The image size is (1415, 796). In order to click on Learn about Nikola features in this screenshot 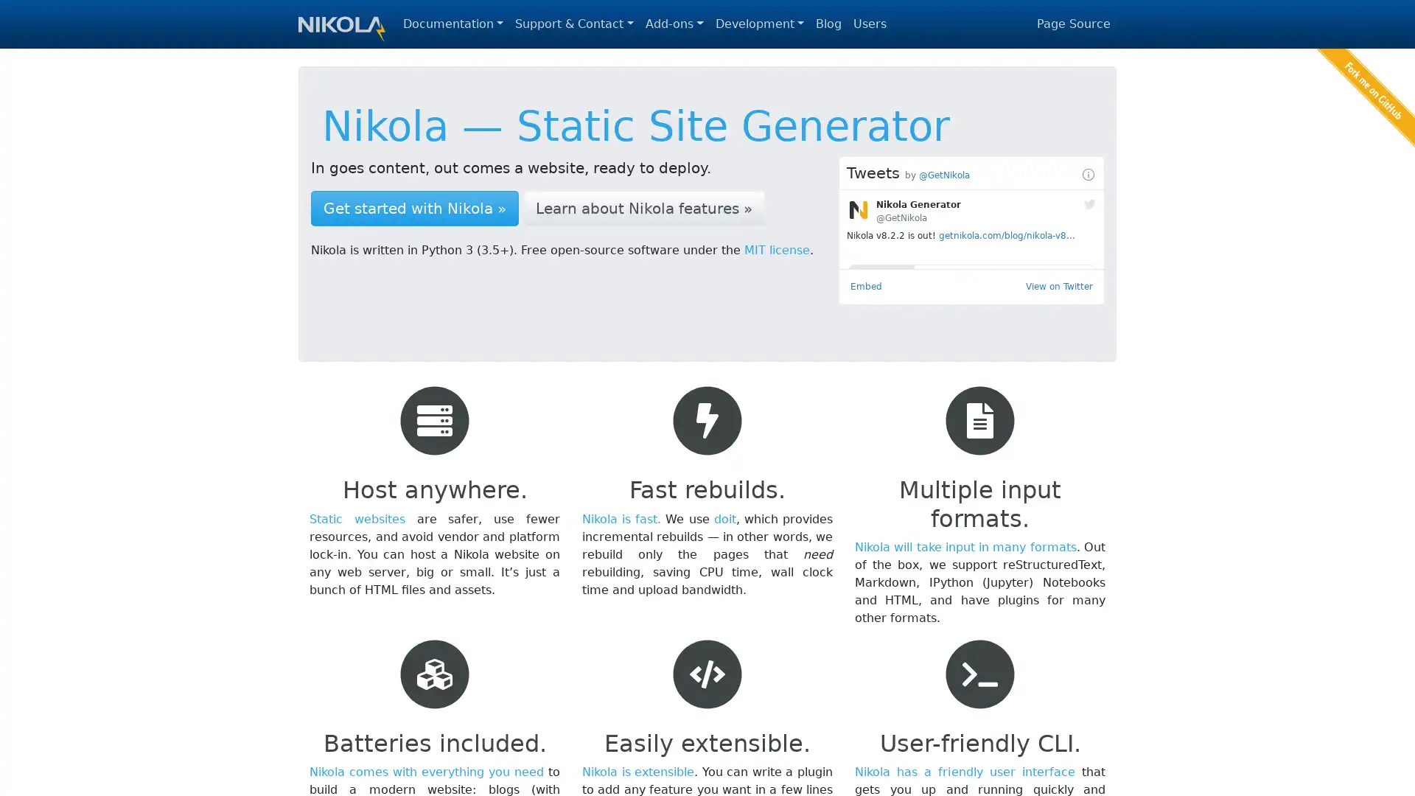, I will do `click(643, 208)`.